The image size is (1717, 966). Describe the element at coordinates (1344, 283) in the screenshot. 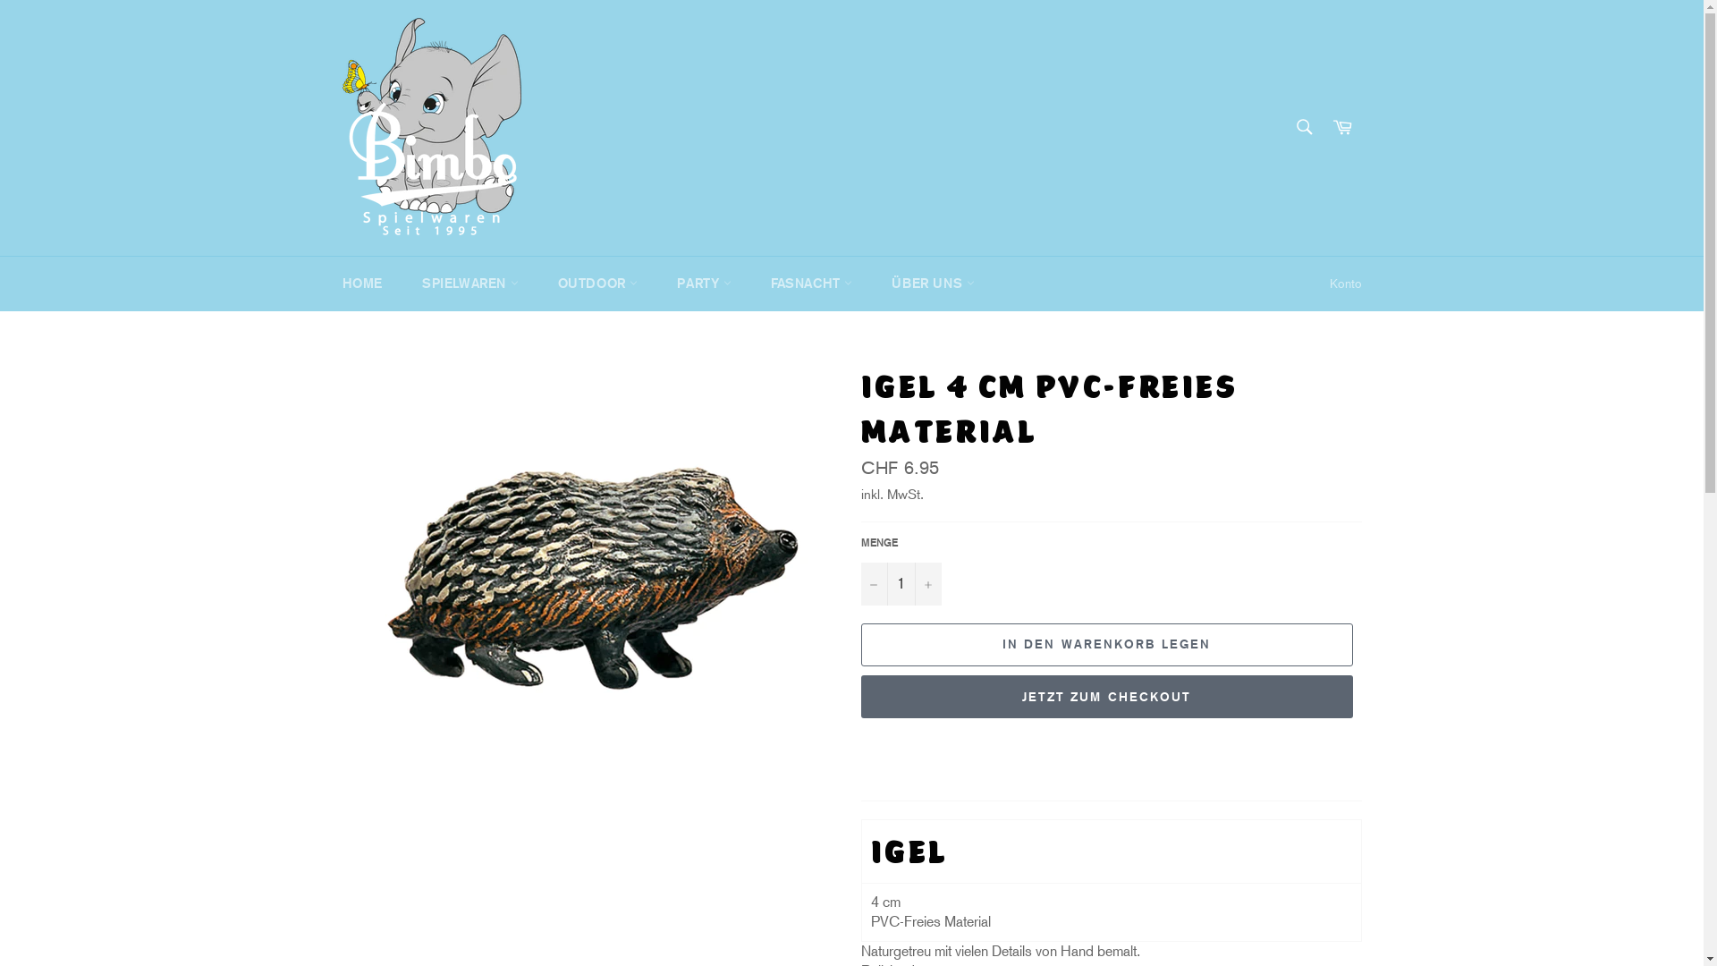

I see `'Konto'` at that location.